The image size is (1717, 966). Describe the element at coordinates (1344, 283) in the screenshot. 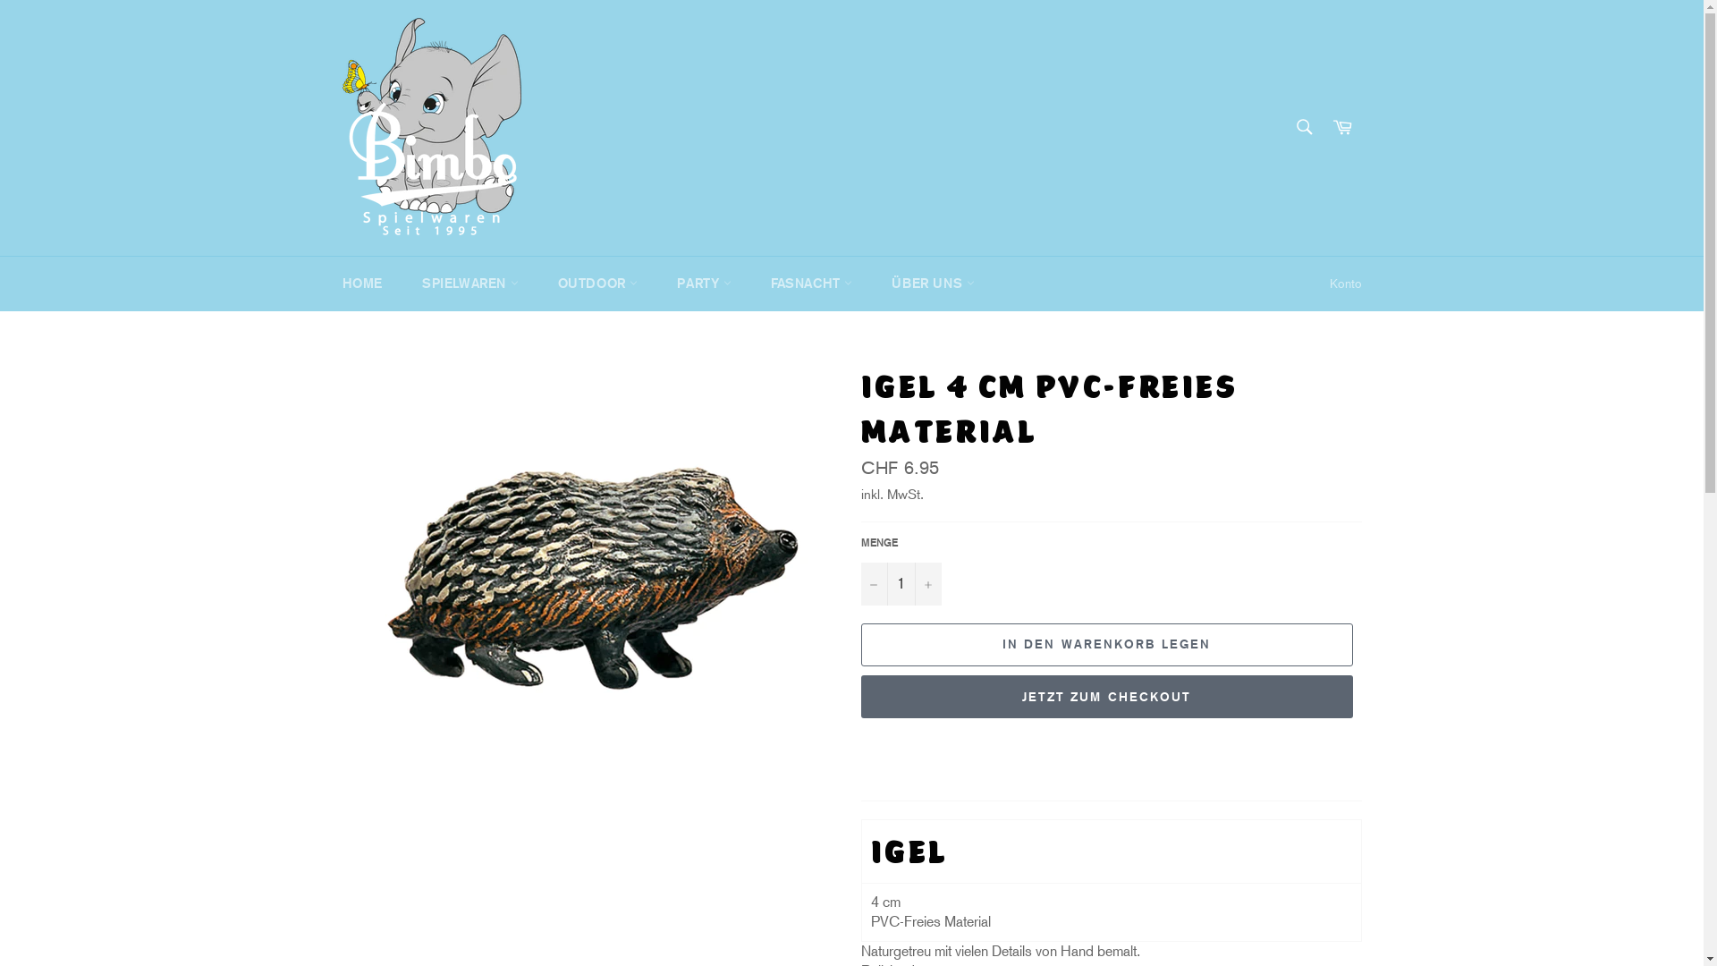

I see `'Konto'` at that location.